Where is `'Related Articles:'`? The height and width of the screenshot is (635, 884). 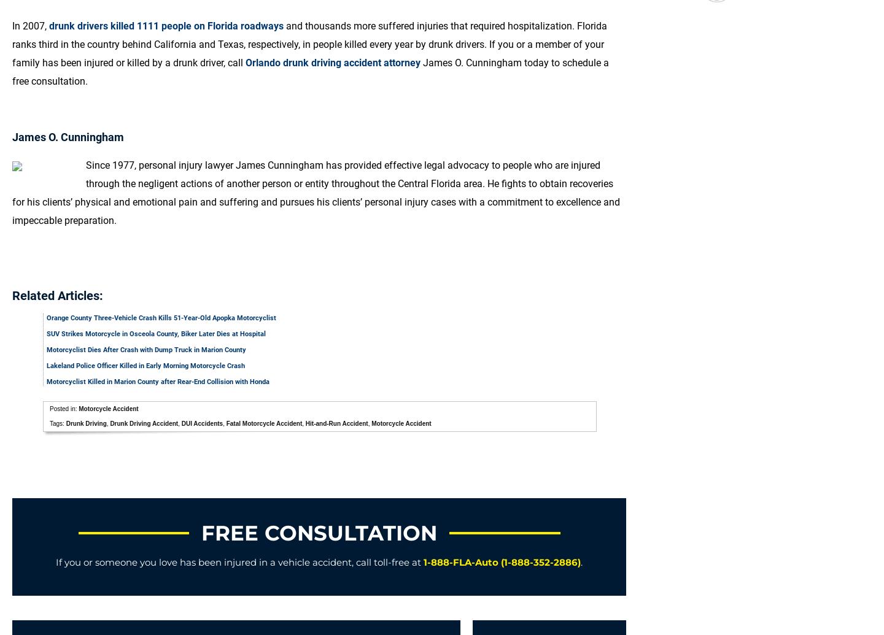
'Related Articles:' is located at coordinates (12, 295).